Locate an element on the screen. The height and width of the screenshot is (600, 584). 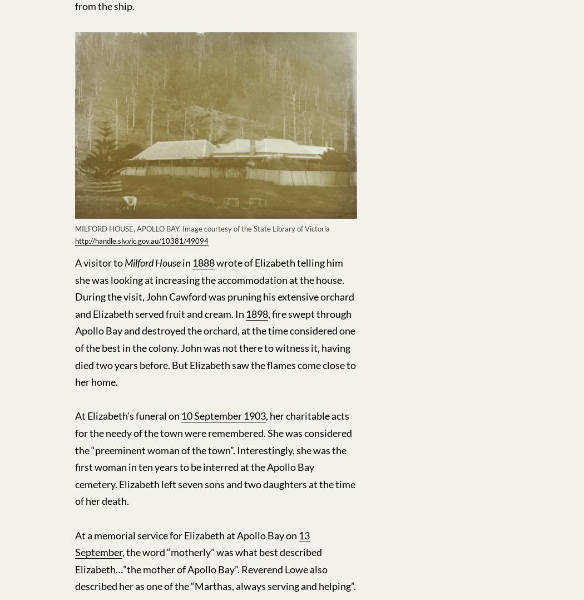
'1898' is located at coordinates (257, 313).